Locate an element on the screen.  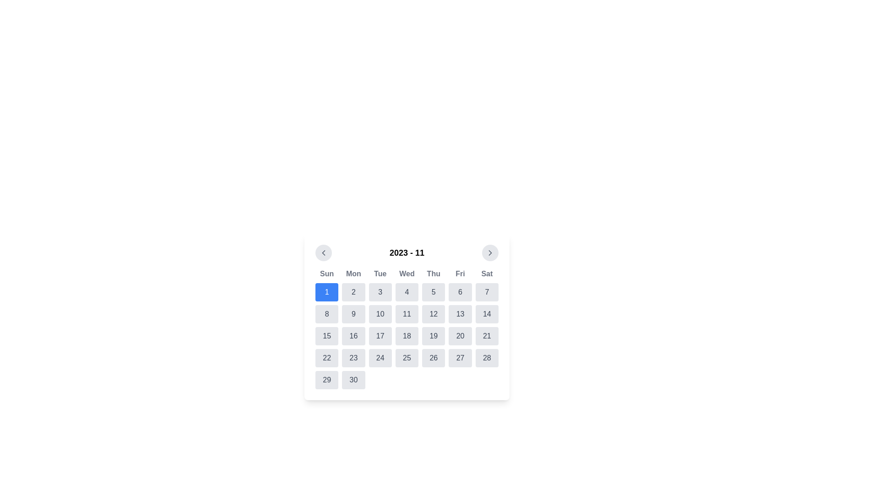
the text label reading 'Sun', which is displayed in bold gray font as part of a horizontal grid layout for the days of the week is located at coordinates (327, 273).